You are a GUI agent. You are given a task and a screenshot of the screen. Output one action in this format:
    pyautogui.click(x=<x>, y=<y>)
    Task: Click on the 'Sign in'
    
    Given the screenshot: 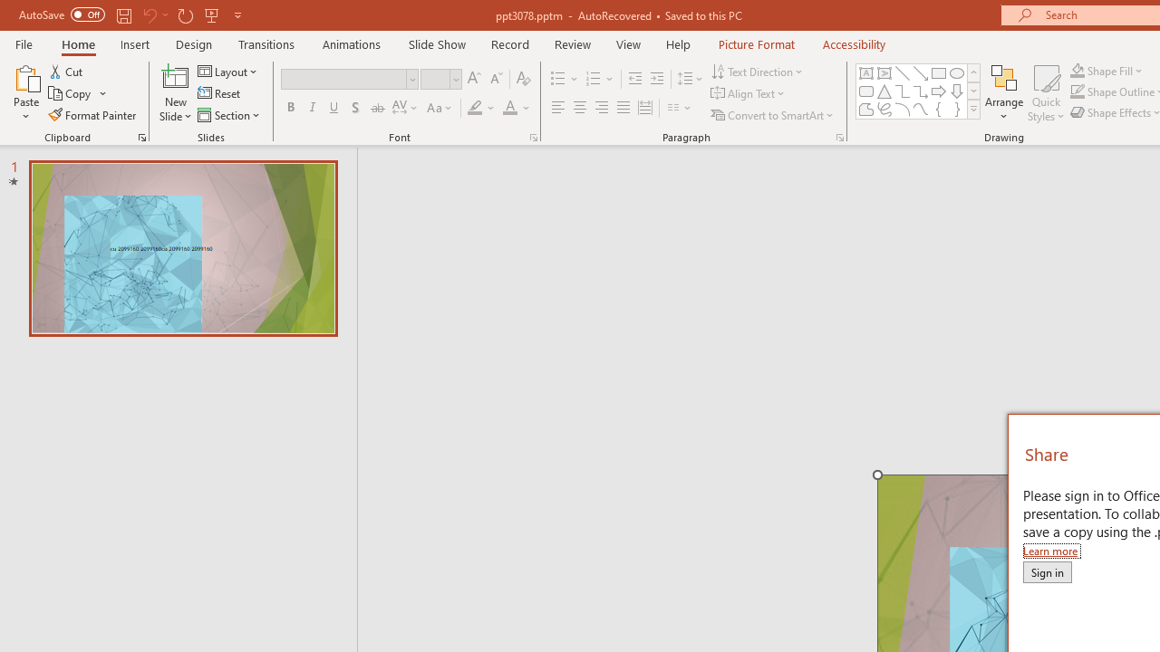 What is the action you would take?
    pyautogui.click(x=1047, y=571)
    